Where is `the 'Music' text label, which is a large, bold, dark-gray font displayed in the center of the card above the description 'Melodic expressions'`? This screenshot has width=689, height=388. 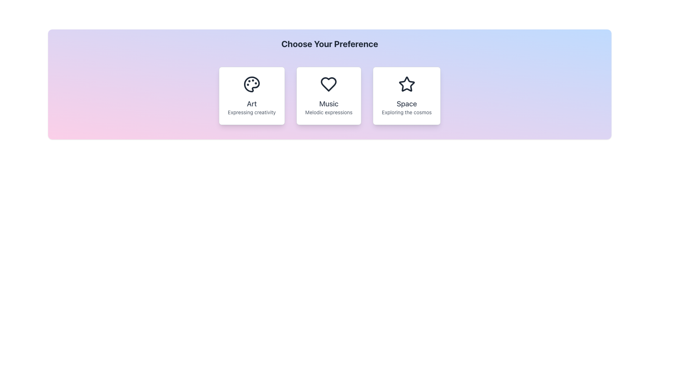
the 'Music' text label, which is a large, bold, dark-gray font displayed in the center of the card above the description 'Melodic expressions' is located at coordinates (328, 104).